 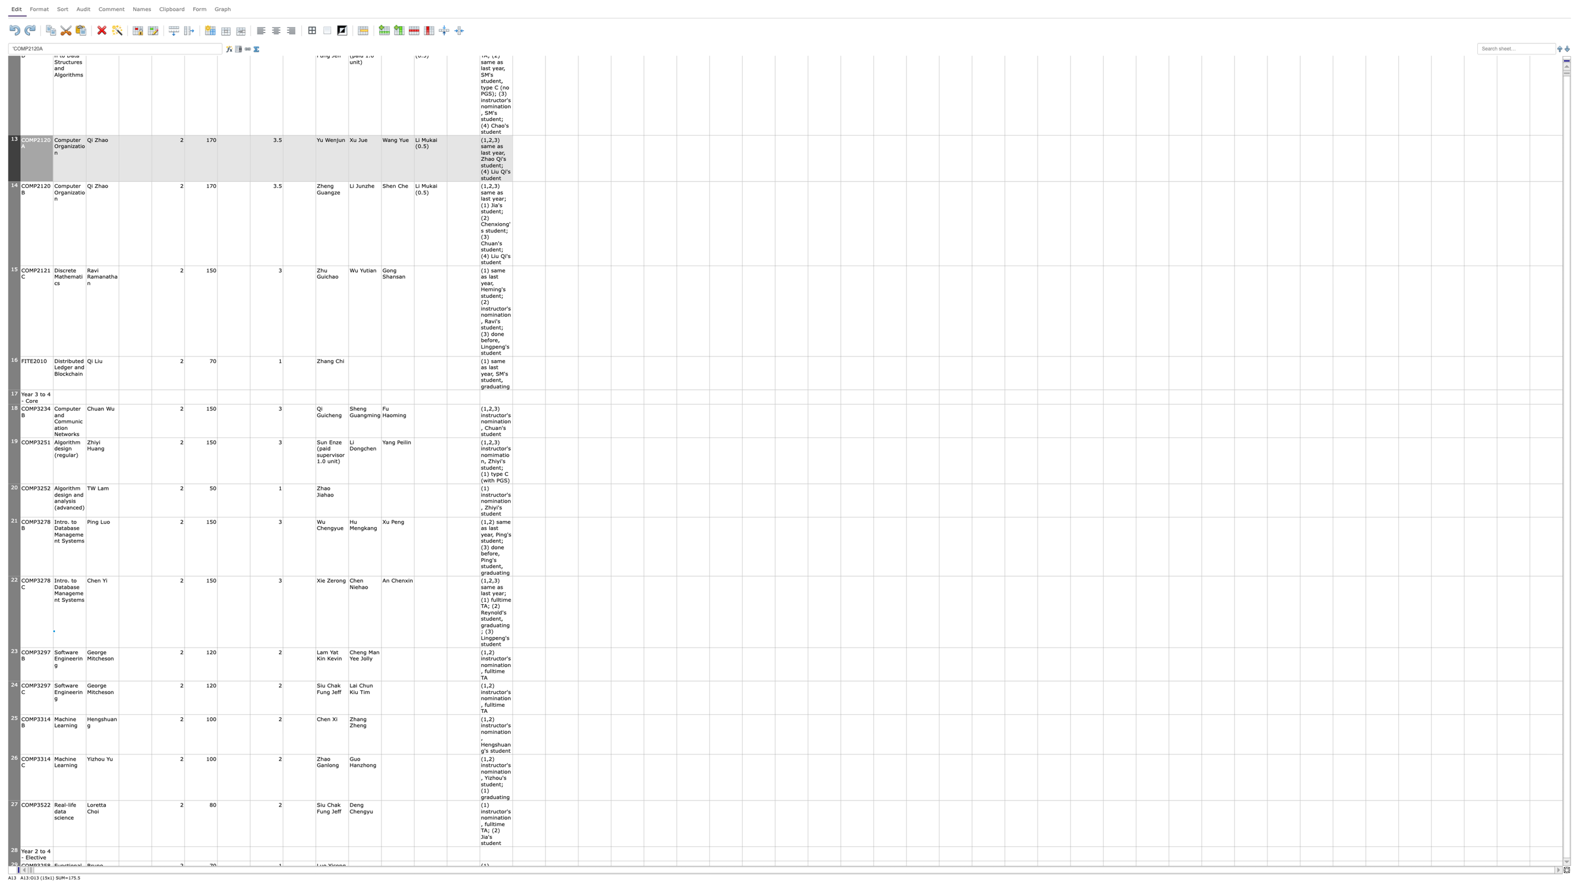 What do you see at coordinates (14, 753) in the screenshot?
I see `row 25's height resize handle` at bounding box center [14, 753].